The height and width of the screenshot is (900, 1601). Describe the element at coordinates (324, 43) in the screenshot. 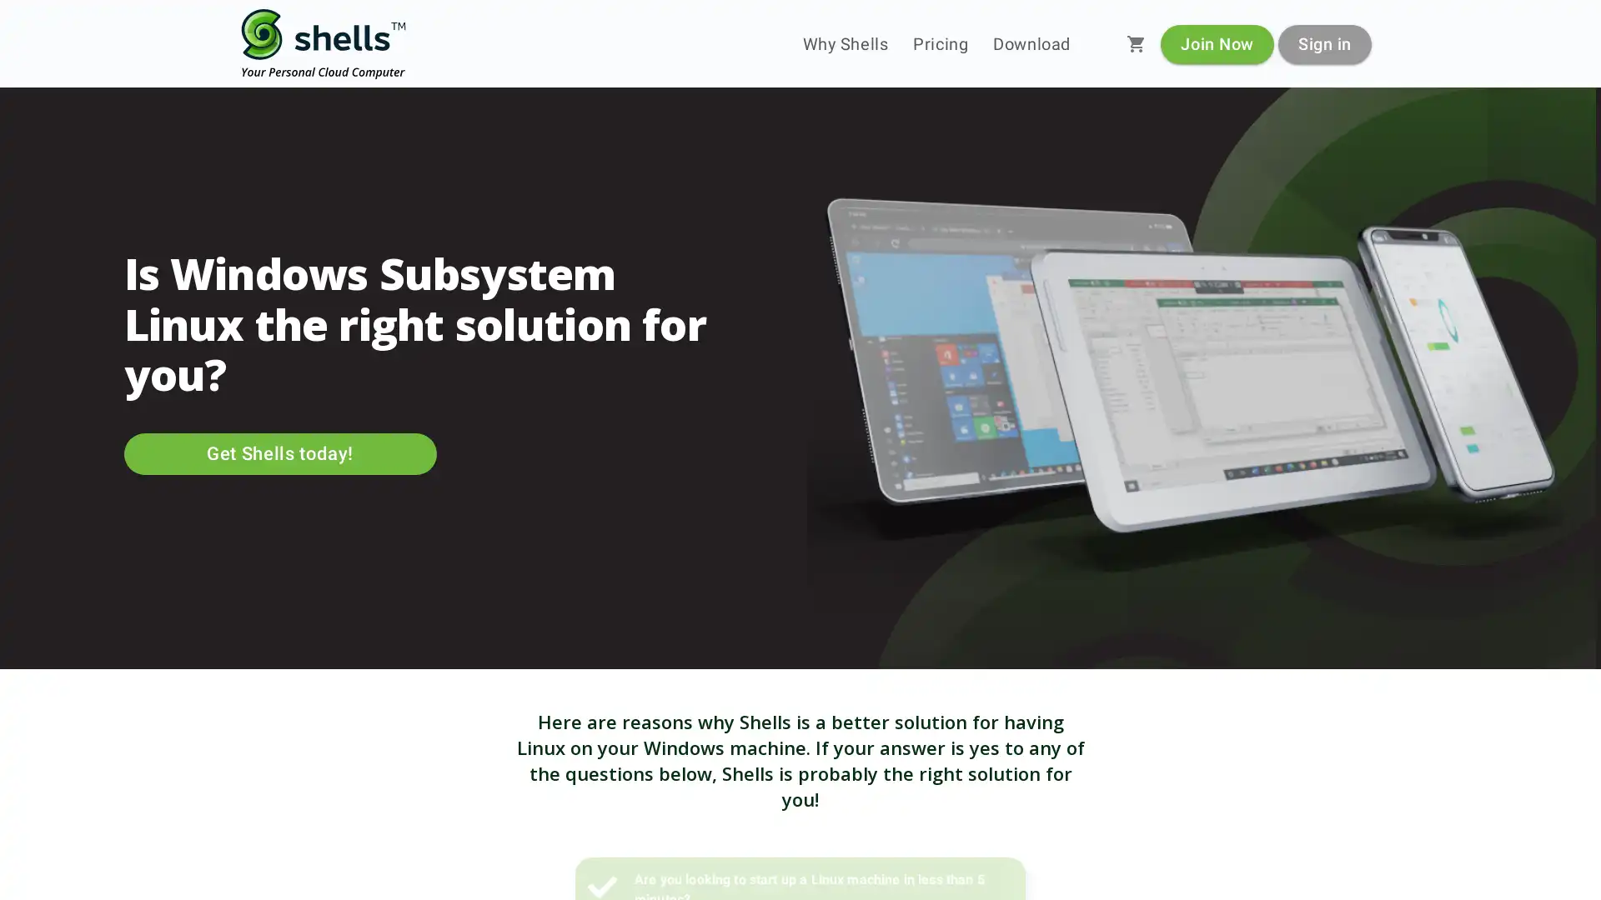

I see `Shells Logo` at that location.